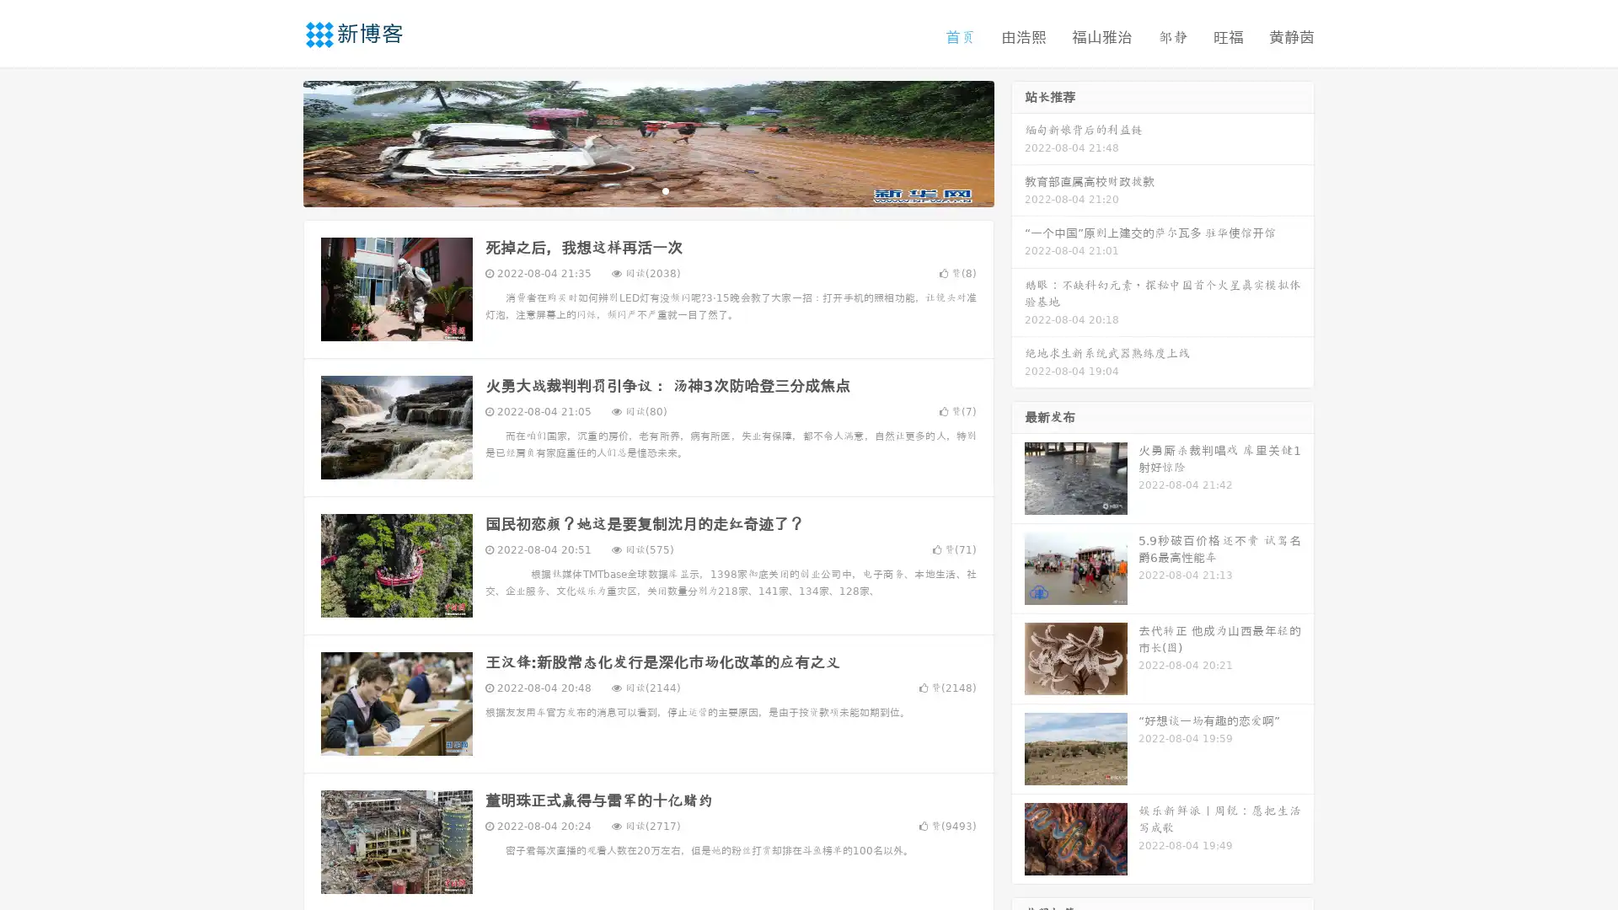 The height and width of the screenshot is (910, 1618). Describe the element at coordinates (1018, 142) in the screenshot. I see `Next slide` at that location.